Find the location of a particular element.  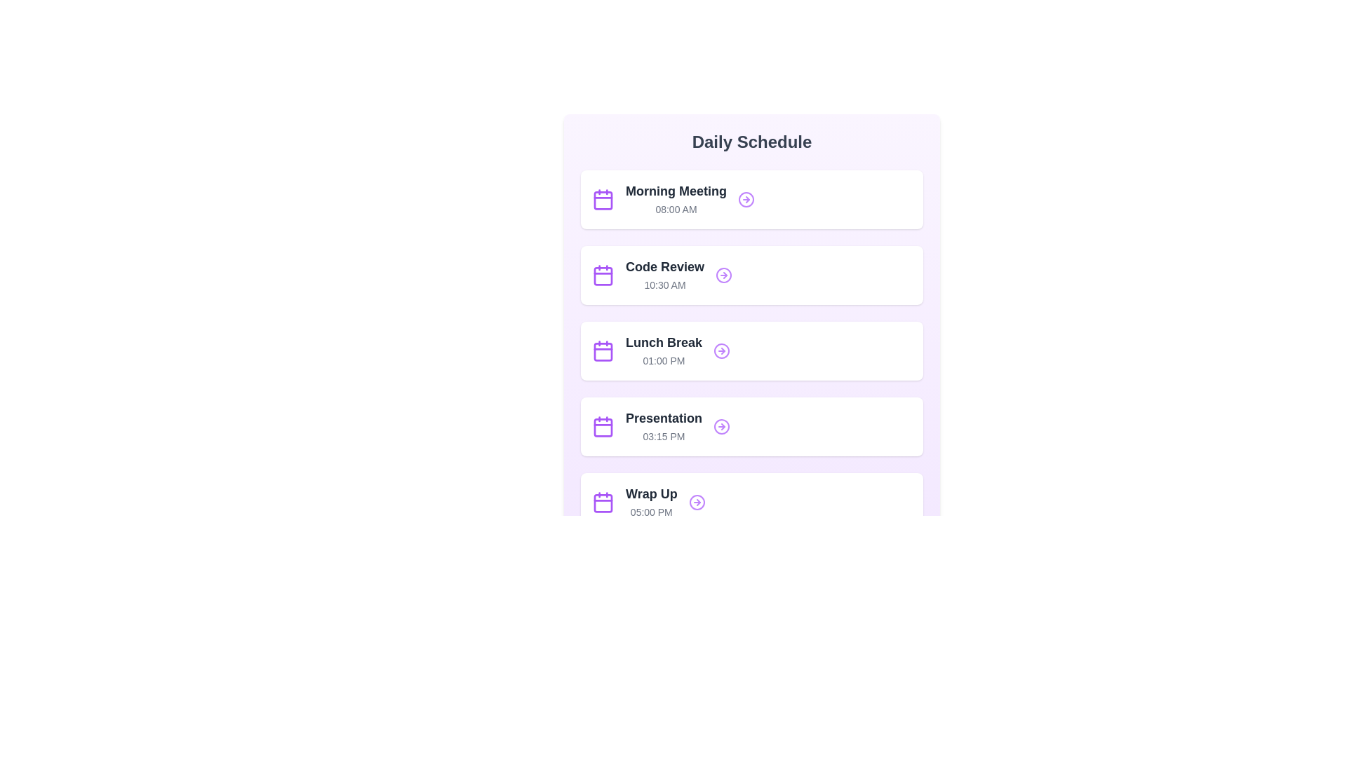

the icon button located in the 'Code Review' row, aligned horizontally with the 'Code Review' title and '10:30 AM' time is located at coordinates (724, 275).